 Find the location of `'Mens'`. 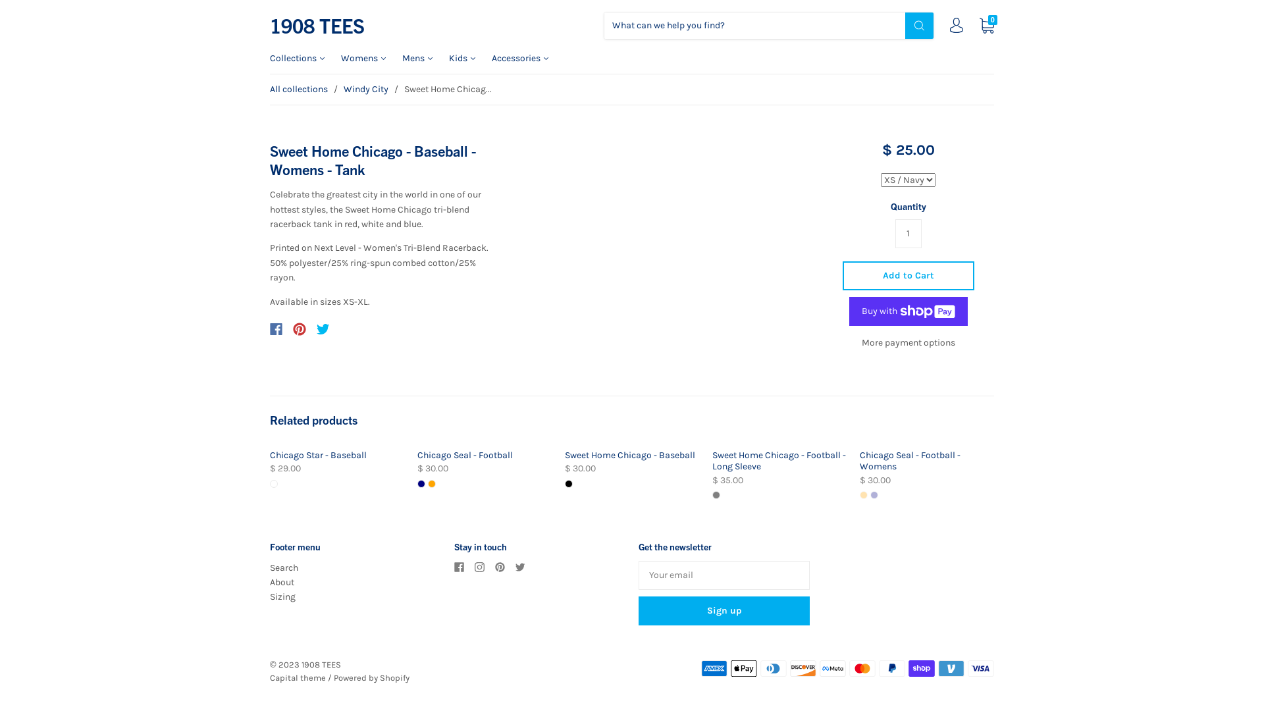

'Mens' is located at coordinates (425, 57).